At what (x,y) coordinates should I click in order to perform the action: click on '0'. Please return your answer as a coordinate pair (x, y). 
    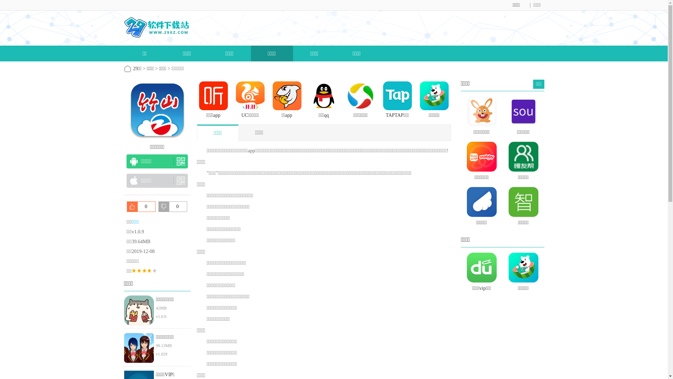
    Looking at the image, I should click on (141, 206).